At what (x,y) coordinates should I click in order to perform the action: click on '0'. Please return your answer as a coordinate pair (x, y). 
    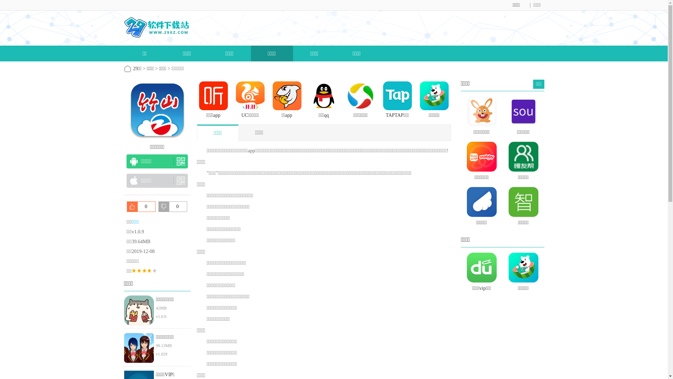
    Looking at the image, I should click on (141, 206).